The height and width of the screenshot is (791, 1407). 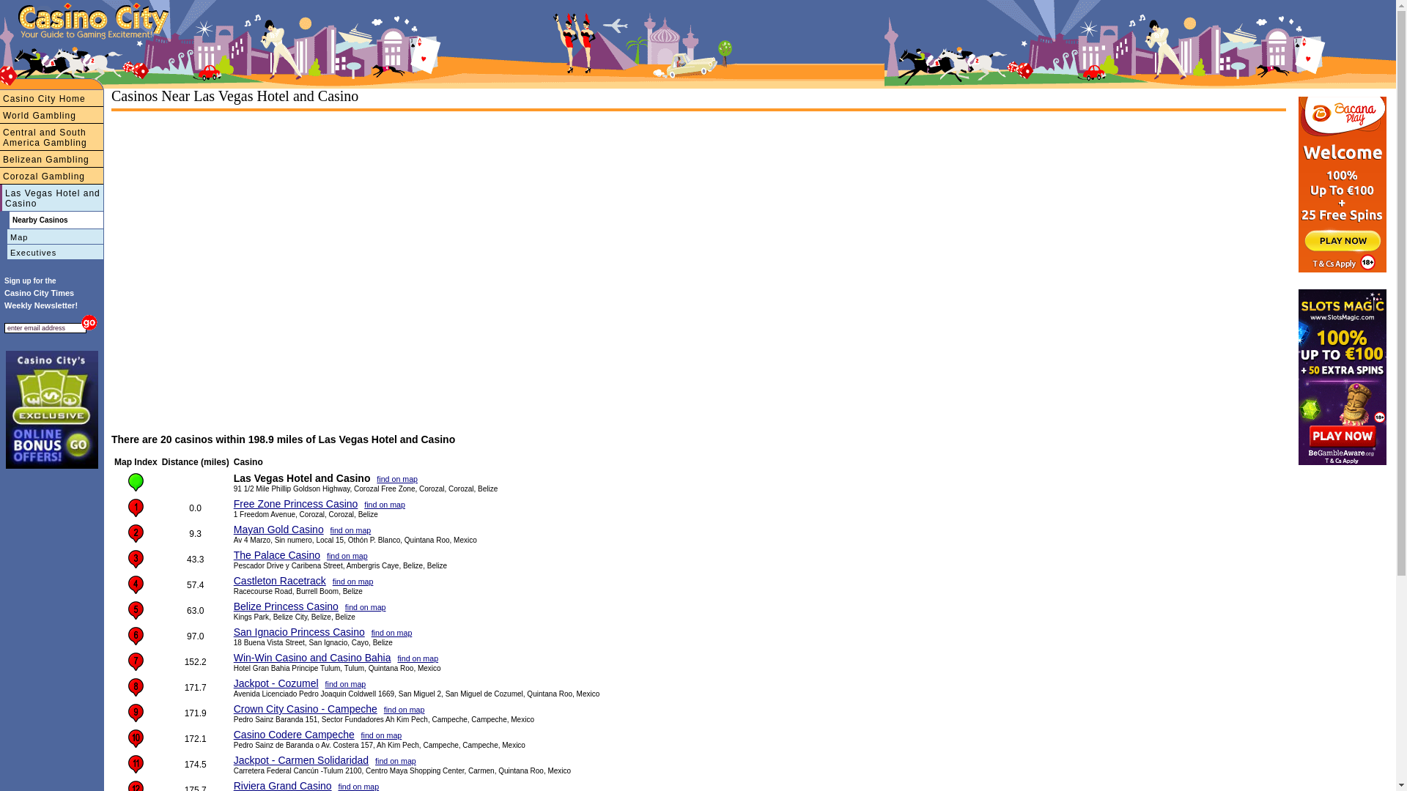 I want to click on 'find on map', so click(x=405, y=708).